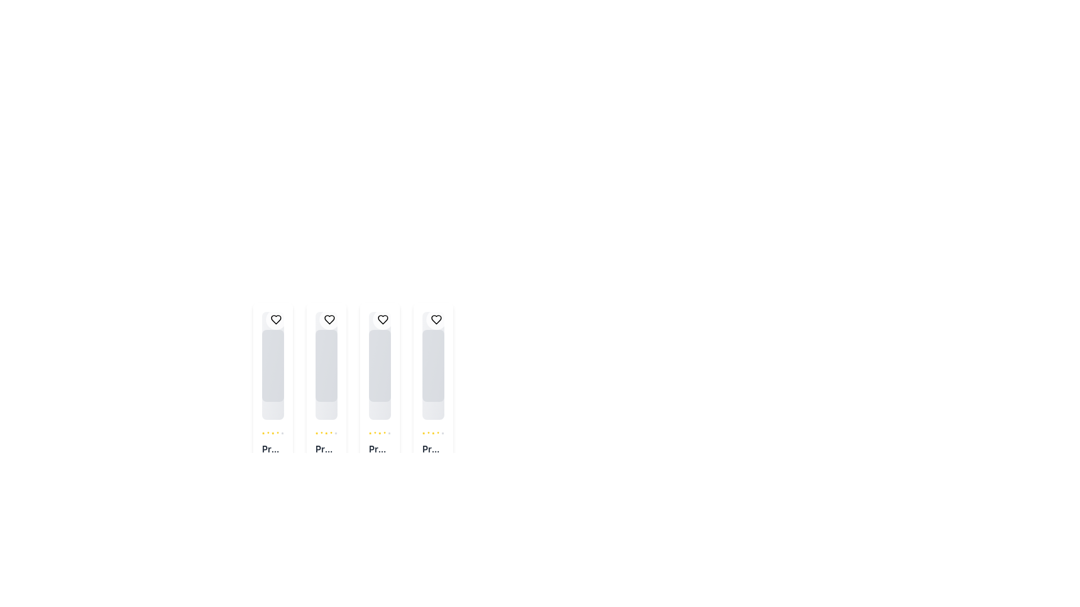 This screenshot has height=607, width=1080. I want to click on the product name in the fourth column of the product grid, so click(380, 462).